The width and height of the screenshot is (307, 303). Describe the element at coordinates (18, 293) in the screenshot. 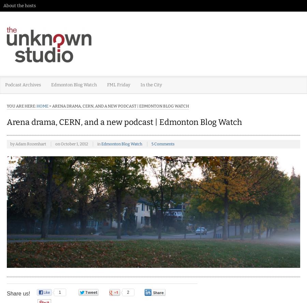

I see `'Share us!'` at that location.